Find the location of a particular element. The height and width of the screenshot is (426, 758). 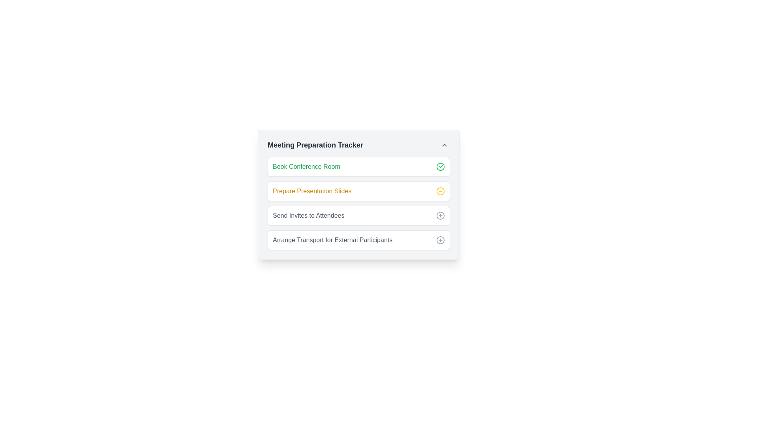

the circular icon with a green outline and check mark, located to the right of 'Book Conference Room' in the 'Meeting Preparation Tracker' card is located at coordinates (440, 166).